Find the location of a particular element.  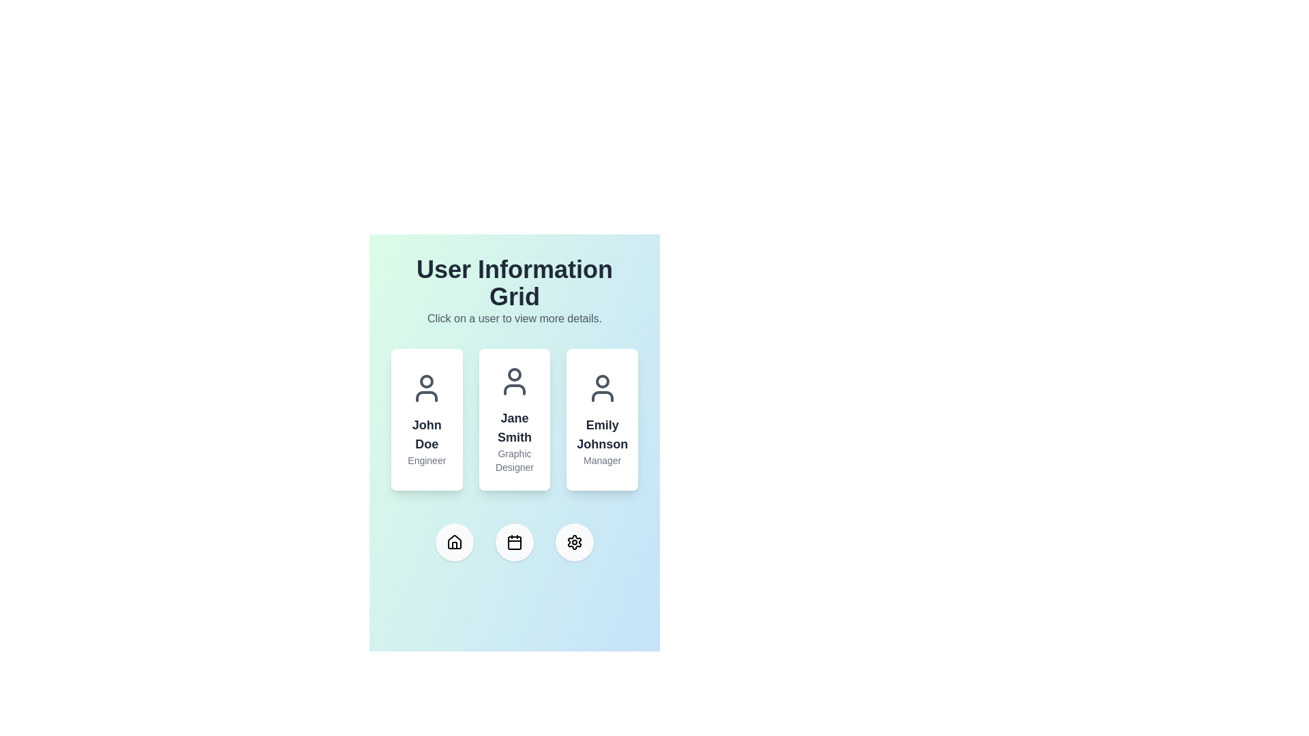

the lower portion of the SVG graphic user icon in the rightmost card featuring Emily Johnson's name and title 'Manager' is located at coordinates (601, 397).